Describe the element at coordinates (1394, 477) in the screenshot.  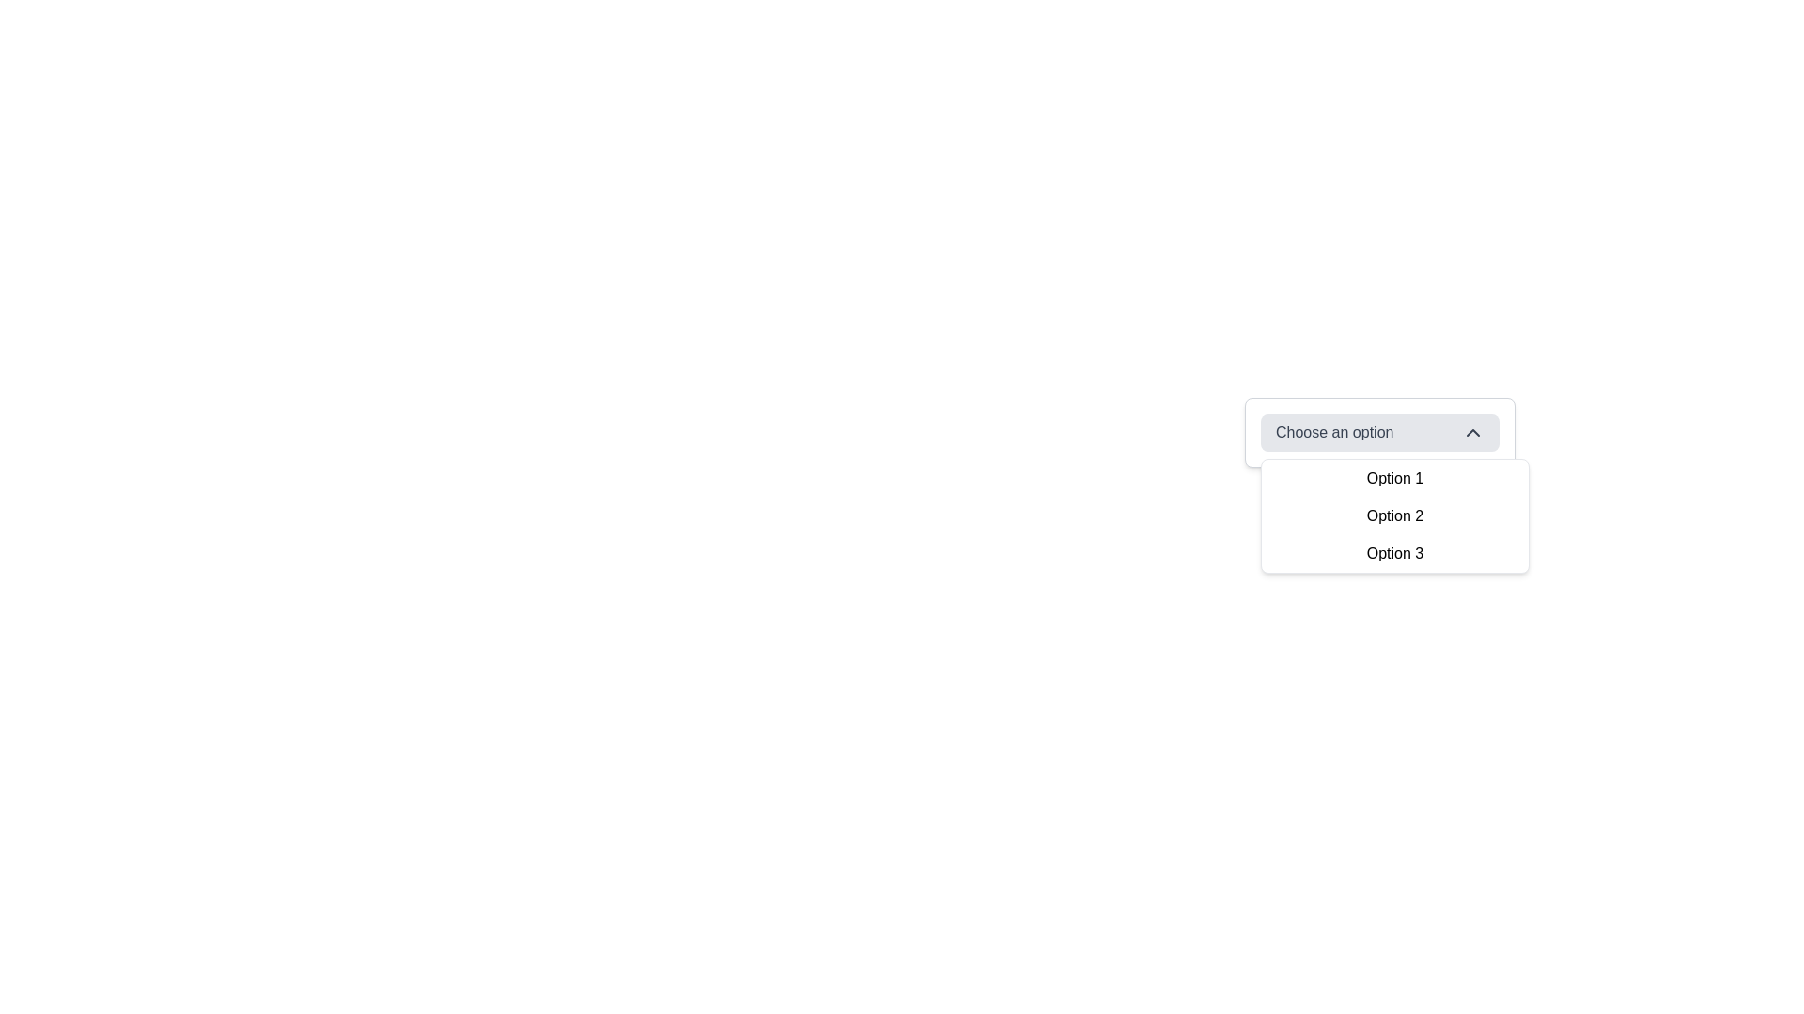
I see `the first option 'Option 1' in the dropdown menu located below the 'Choose an option' button` at that location.